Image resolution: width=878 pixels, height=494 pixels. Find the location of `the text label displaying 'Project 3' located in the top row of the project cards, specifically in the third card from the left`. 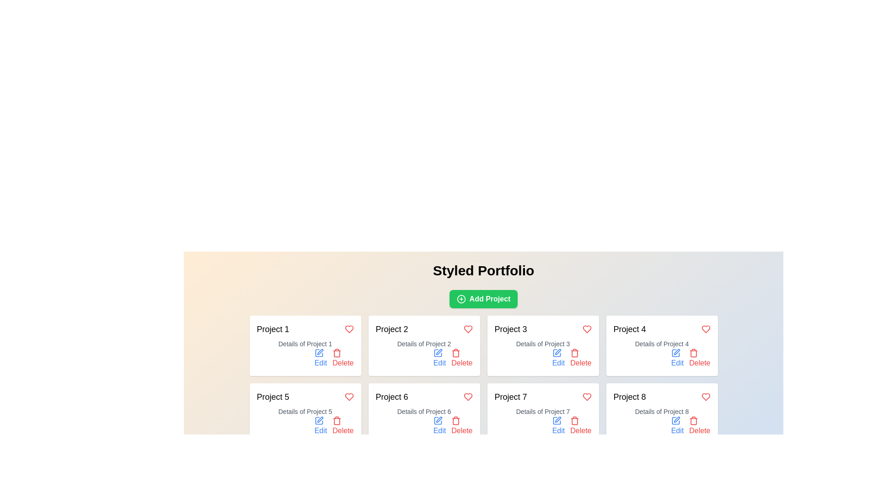

the text label displaying 'Project 3' located in the top row of the project cards, specifically in the third card from the left is located at coordinates (510, 329).